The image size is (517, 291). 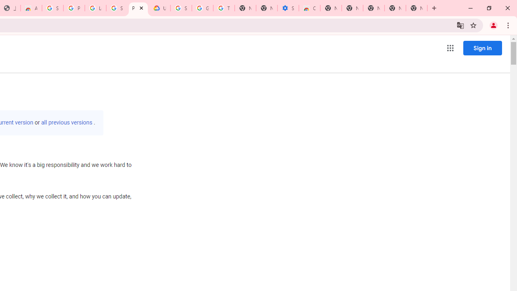 What do you see at coordinates (309, 8) in the screenshot?
I see `'Chrome Web Store - Accessibility extensions'` at bounding box center [309, 8].